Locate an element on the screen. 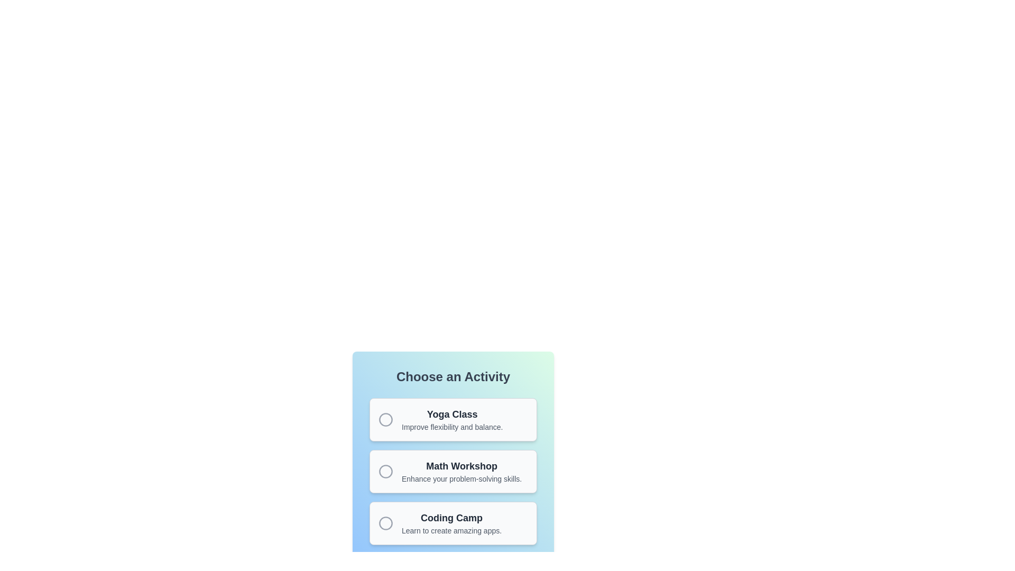 This screenshot has height=571, width=1015. the inner Circle graphic element with a gray outline that is centered within the button labeled 'Yoga Class' is located at coordinates (385, 419).